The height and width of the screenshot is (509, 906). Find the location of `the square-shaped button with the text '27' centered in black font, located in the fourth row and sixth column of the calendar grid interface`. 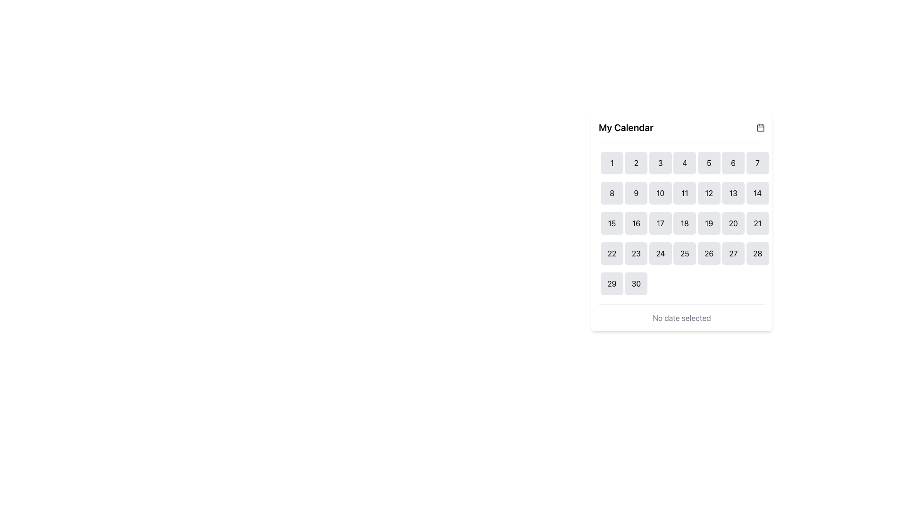

the square-shaped button with the text '27' centered in black font, located in the fourth row and sixth column of the calendar grid interface is located at coordinates (733, 253).